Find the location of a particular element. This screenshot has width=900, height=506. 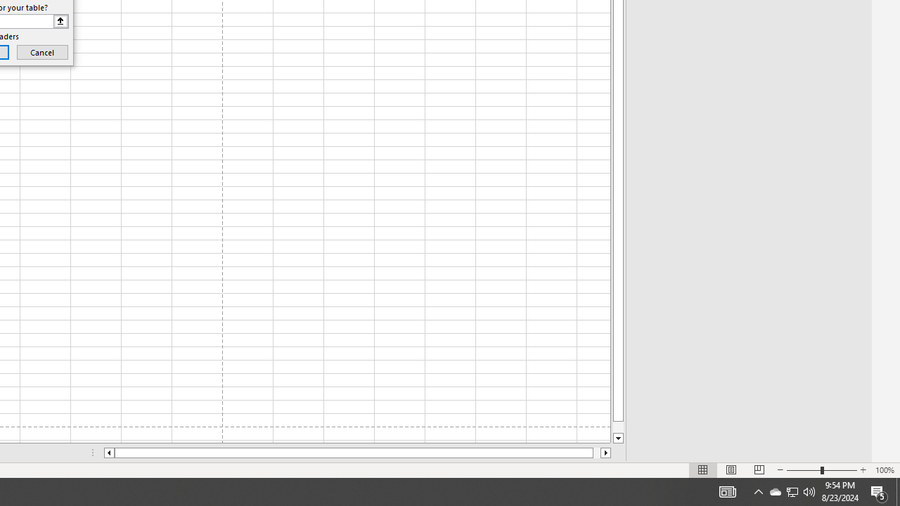

'Line down' is located at coordinates (618, 438).